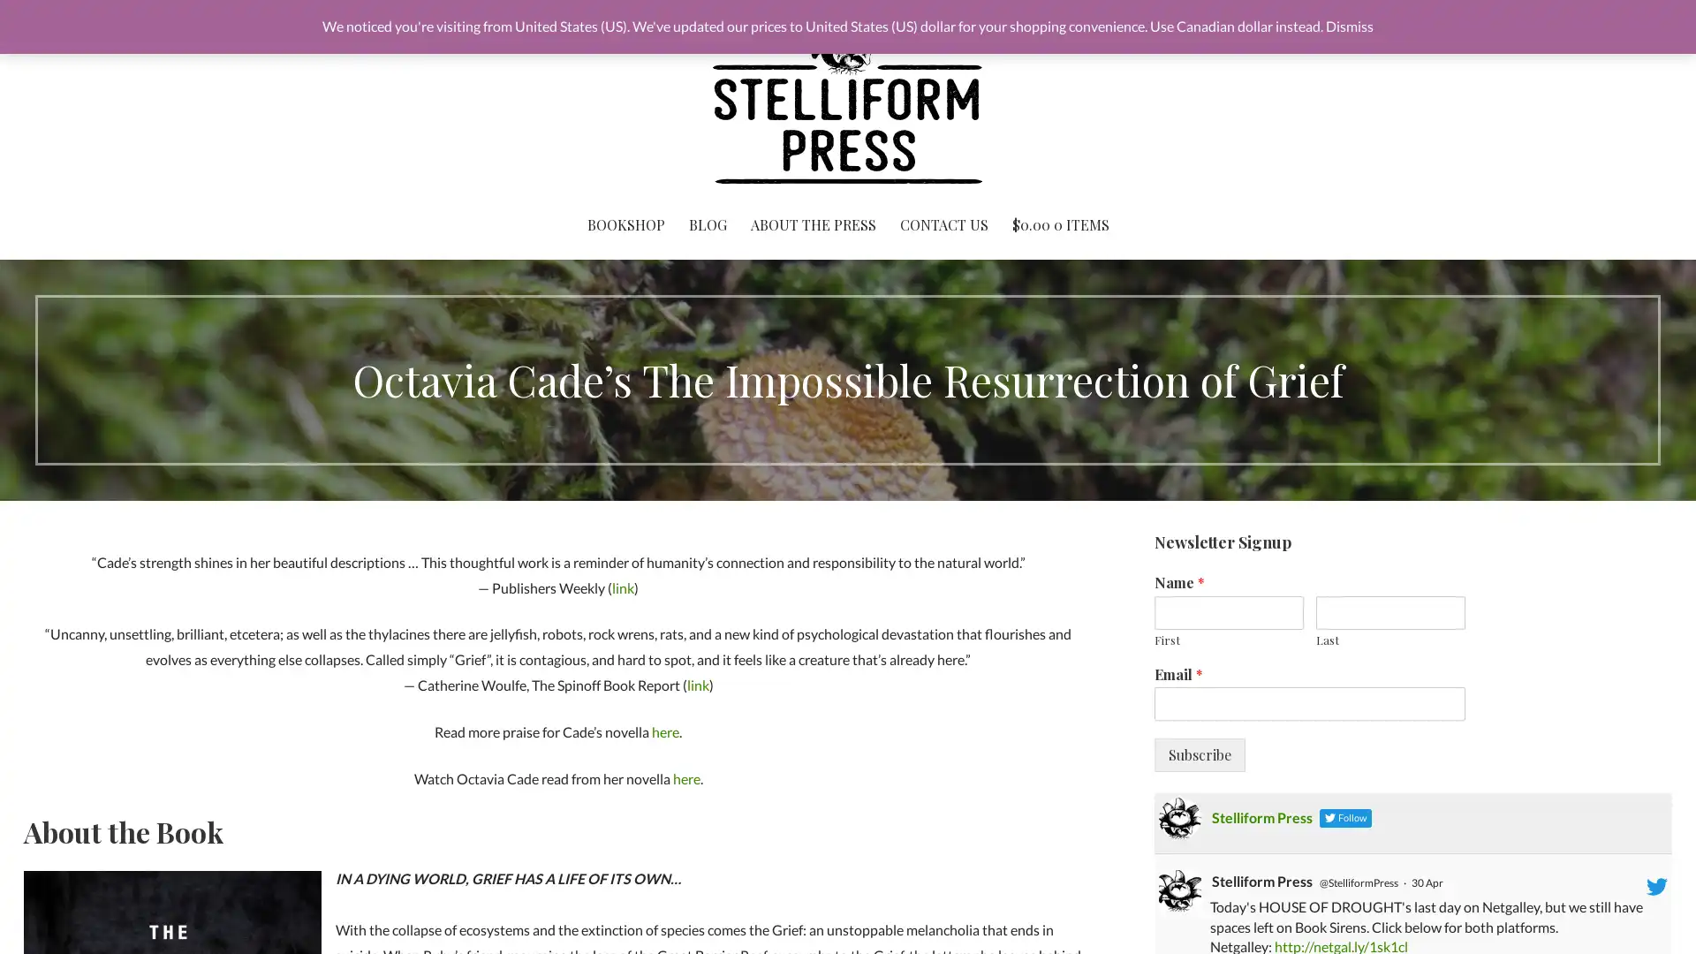  Describe the element at coordinates (1199, 755) in the screenshot. I see `Subscribe` at that location.